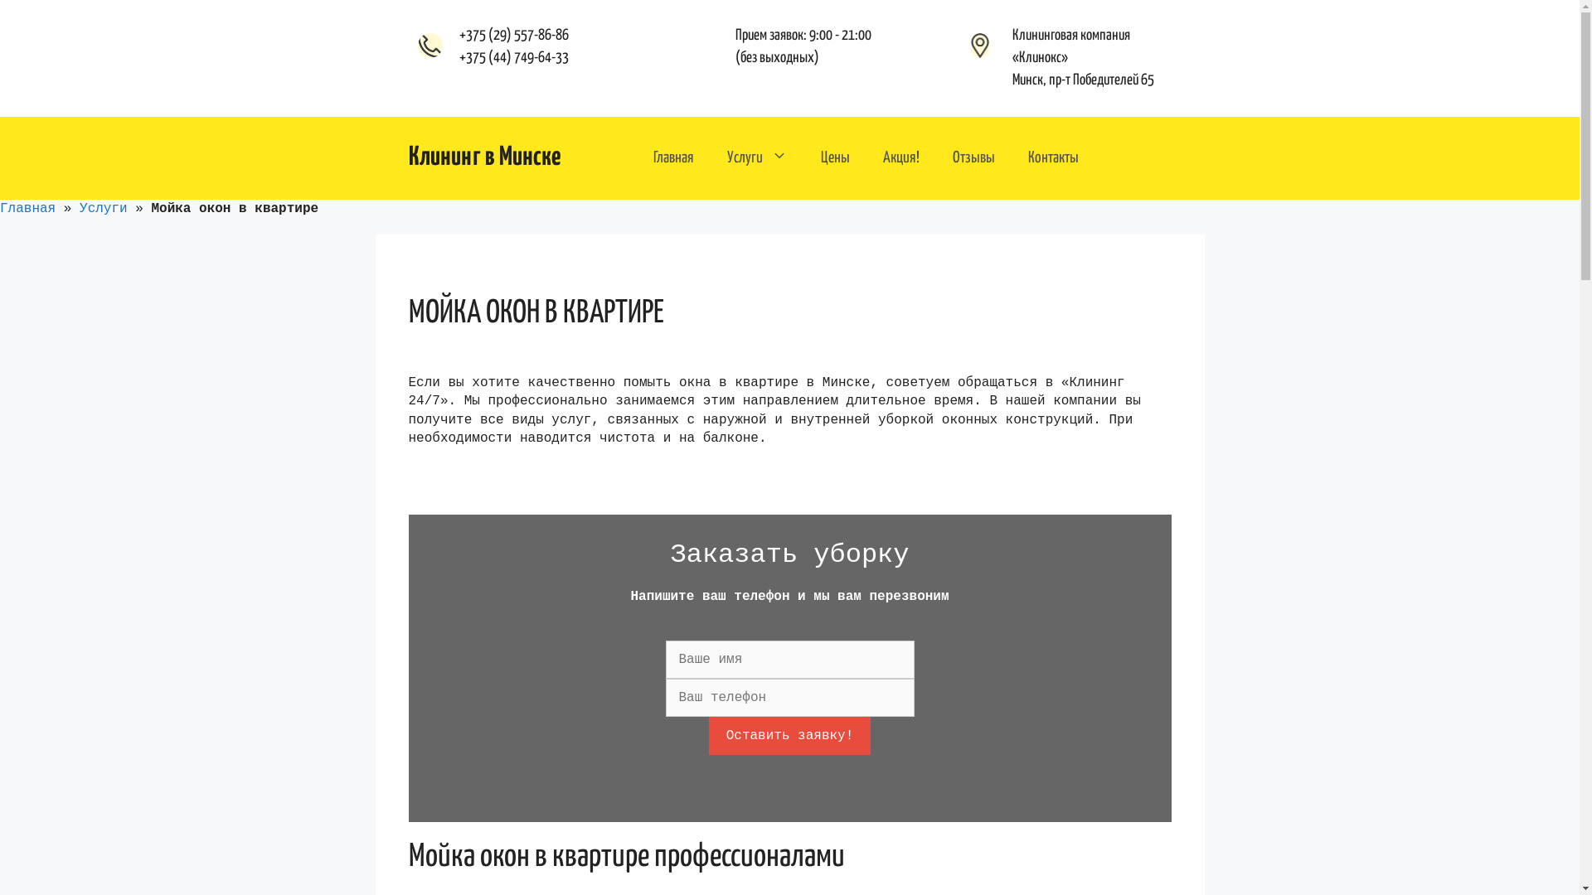 This screenshot has width=1592, height=895. Describe the element at coordinates (512, 56) in the screenshot. I see `'+375 (44) 749-64-33'` at that location.